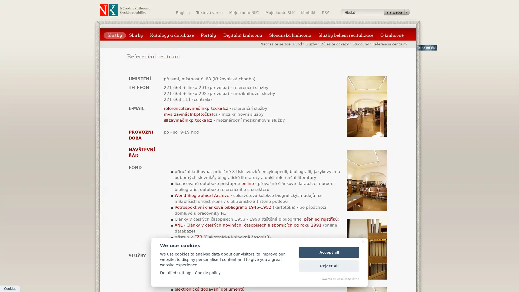 The height and width of the screenshot is (292, 519). Describe the element at coordinates (329, 252) in the screenshot. I see `Accept all` at that location.